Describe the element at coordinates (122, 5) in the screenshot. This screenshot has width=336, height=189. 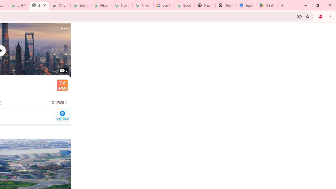
I see `'Sign in - Google Accounts'` at that location.